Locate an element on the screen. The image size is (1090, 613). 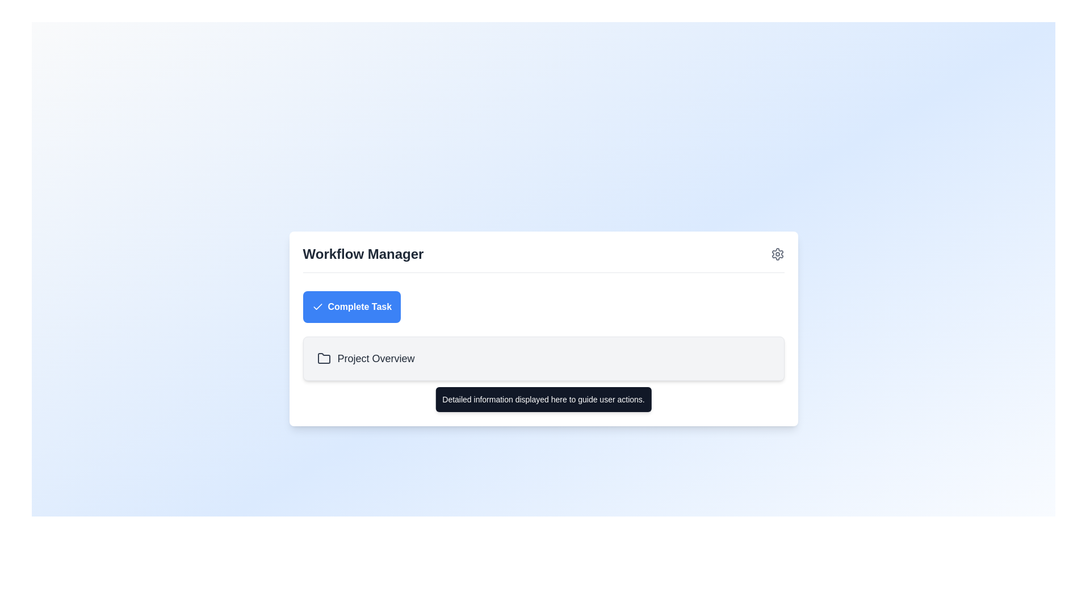
the button for completing a task located below the 'Workflow Manager' title and above the 'Project Overview' list is located at coordinates (351, 306).